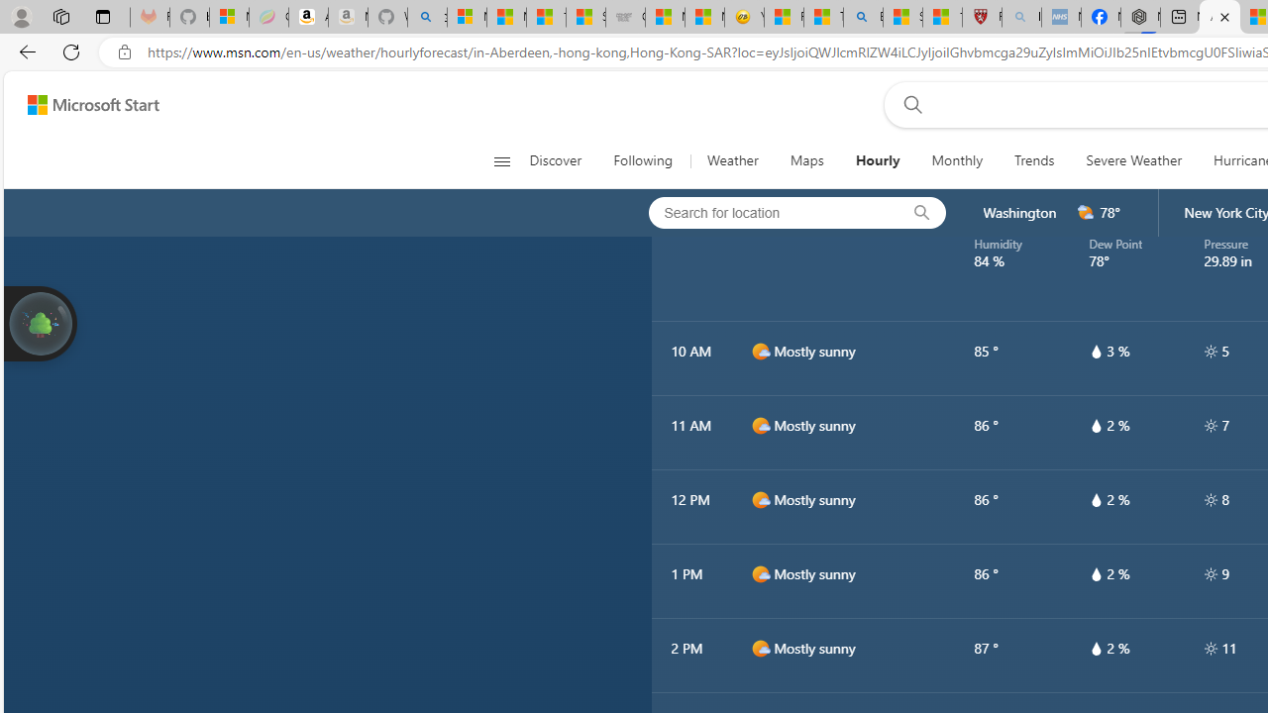  Describe the element at coordinates (759, 649) in the screenshot. I see `'d1000'` at that location.